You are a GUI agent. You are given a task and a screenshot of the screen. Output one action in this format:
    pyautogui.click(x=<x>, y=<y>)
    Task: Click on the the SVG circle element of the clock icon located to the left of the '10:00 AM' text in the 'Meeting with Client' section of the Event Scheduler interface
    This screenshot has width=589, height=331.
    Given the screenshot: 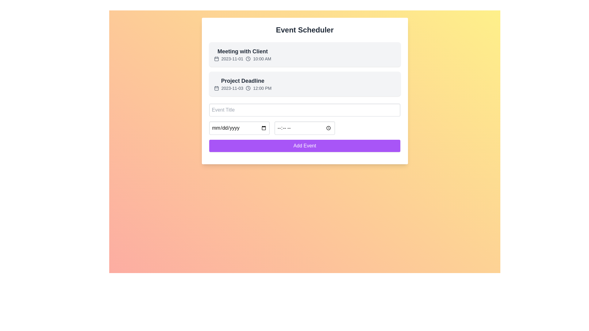 What is the action you would take?
    pyautogui.click(x=248, y=59)
    